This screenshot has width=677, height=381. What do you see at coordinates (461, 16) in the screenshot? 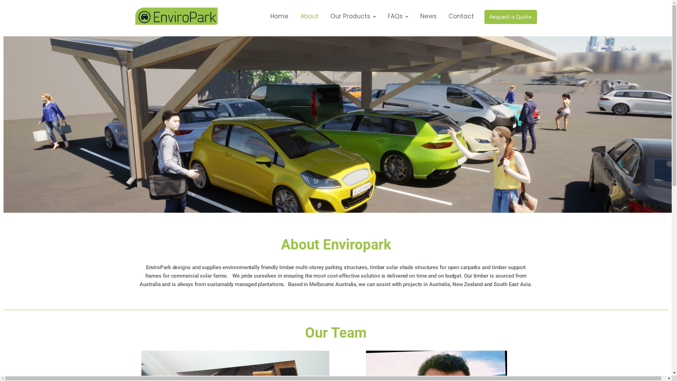
I see `'Contact'` at bounding box center [461, 16].